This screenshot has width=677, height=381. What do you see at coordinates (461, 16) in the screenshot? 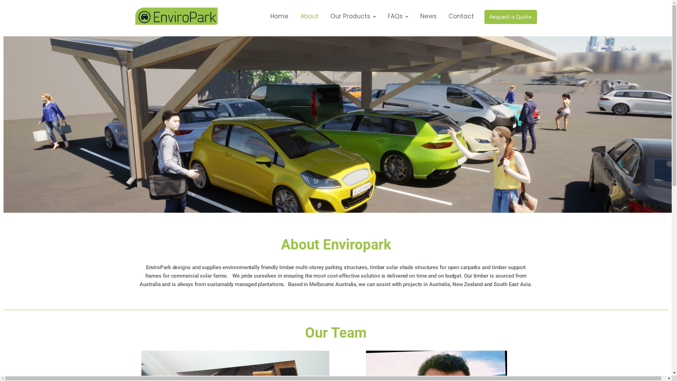
I see `'Contact'` at bounding box center [461, 16].